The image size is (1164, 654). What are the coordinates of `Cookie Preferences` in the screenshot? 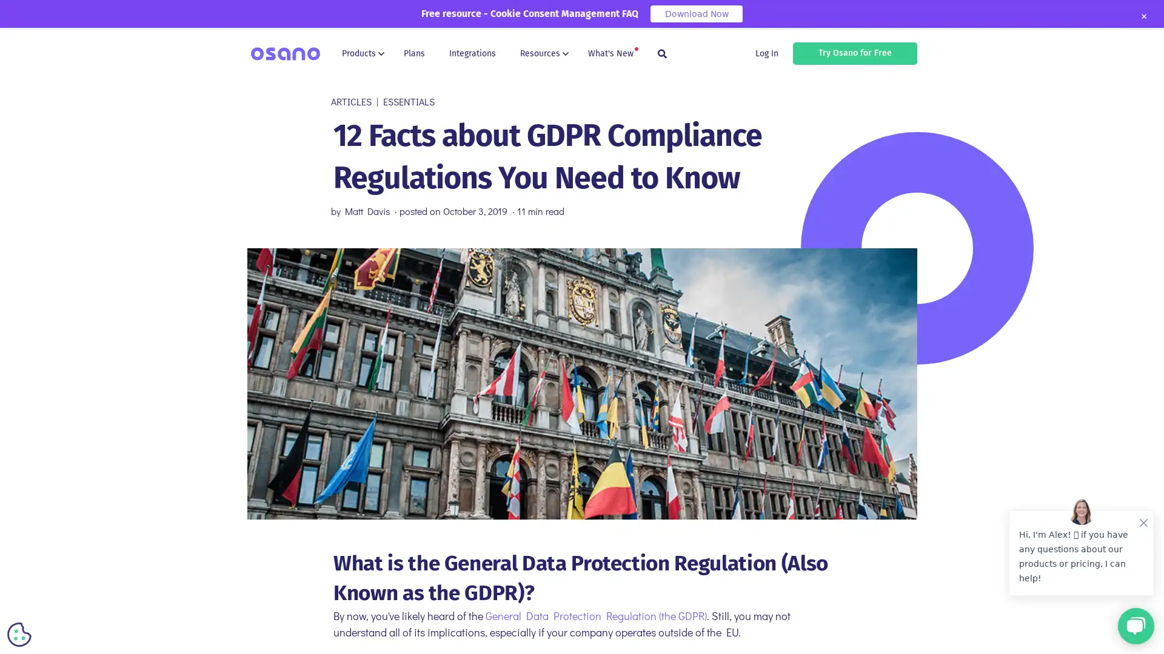 It's located at (19, 634).